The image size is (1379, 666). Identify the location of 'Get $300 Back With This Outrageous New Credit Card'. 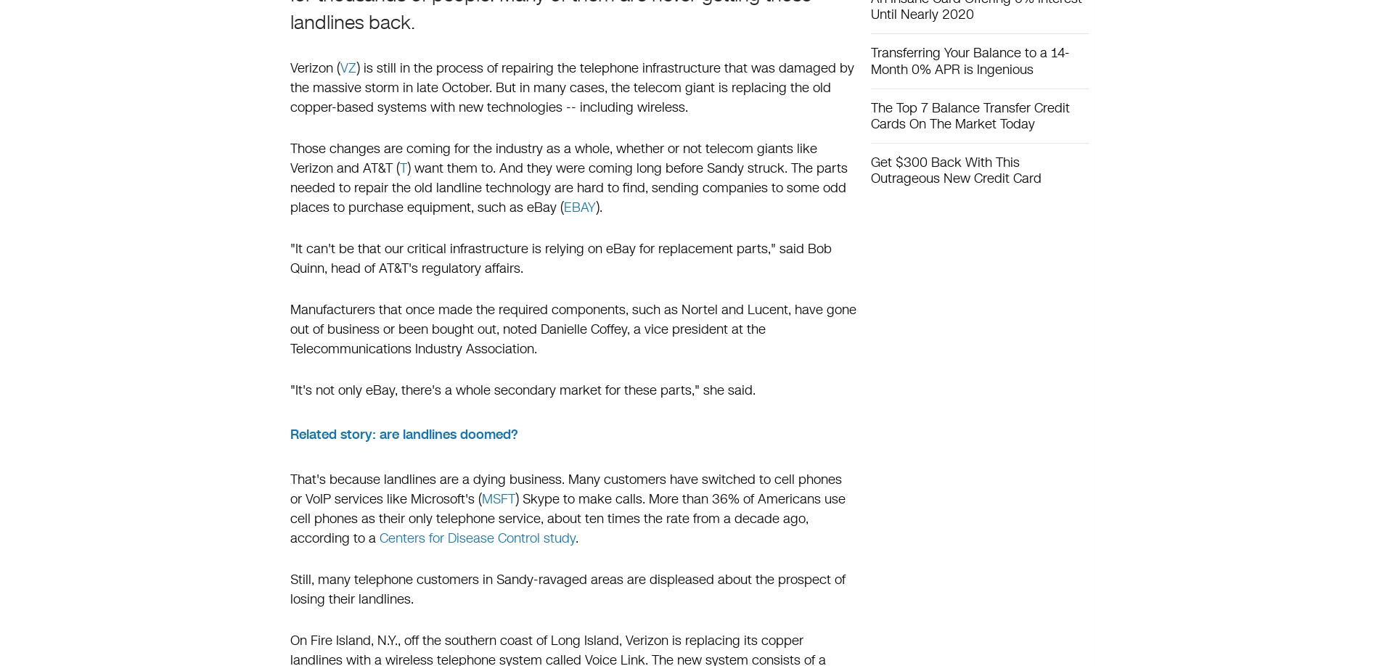
(870, 169).